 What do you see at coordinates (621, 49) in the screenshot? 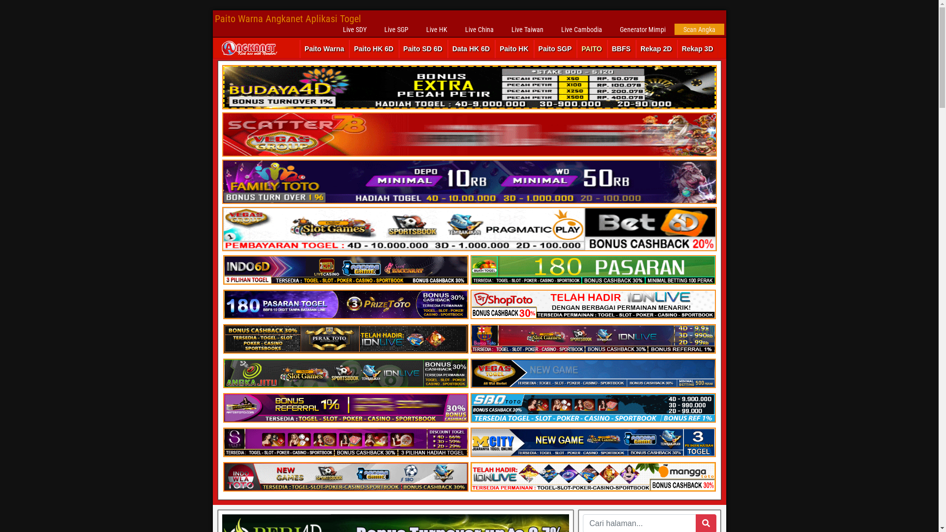
I see `'BBFS'` at bounding box center [621, 49].